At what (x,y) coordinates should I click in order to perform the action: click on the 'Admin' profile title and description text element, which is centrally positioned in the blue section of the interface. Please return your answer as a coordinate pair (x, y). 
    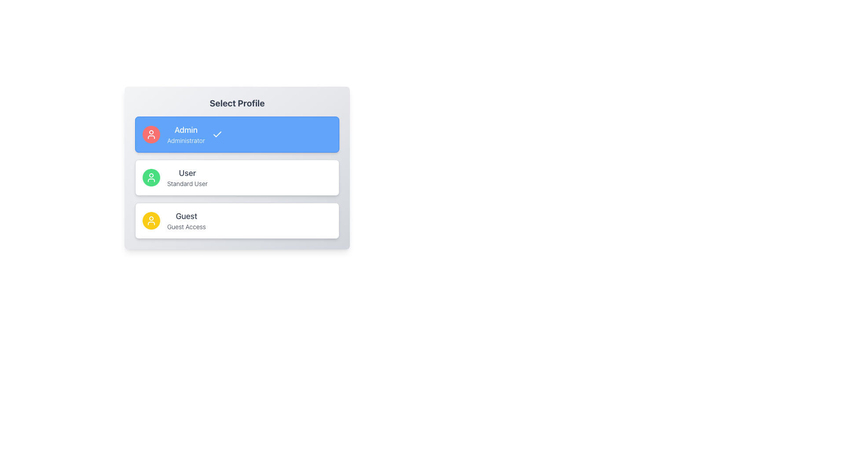
    Looking at the image, I should click on (185, 134).